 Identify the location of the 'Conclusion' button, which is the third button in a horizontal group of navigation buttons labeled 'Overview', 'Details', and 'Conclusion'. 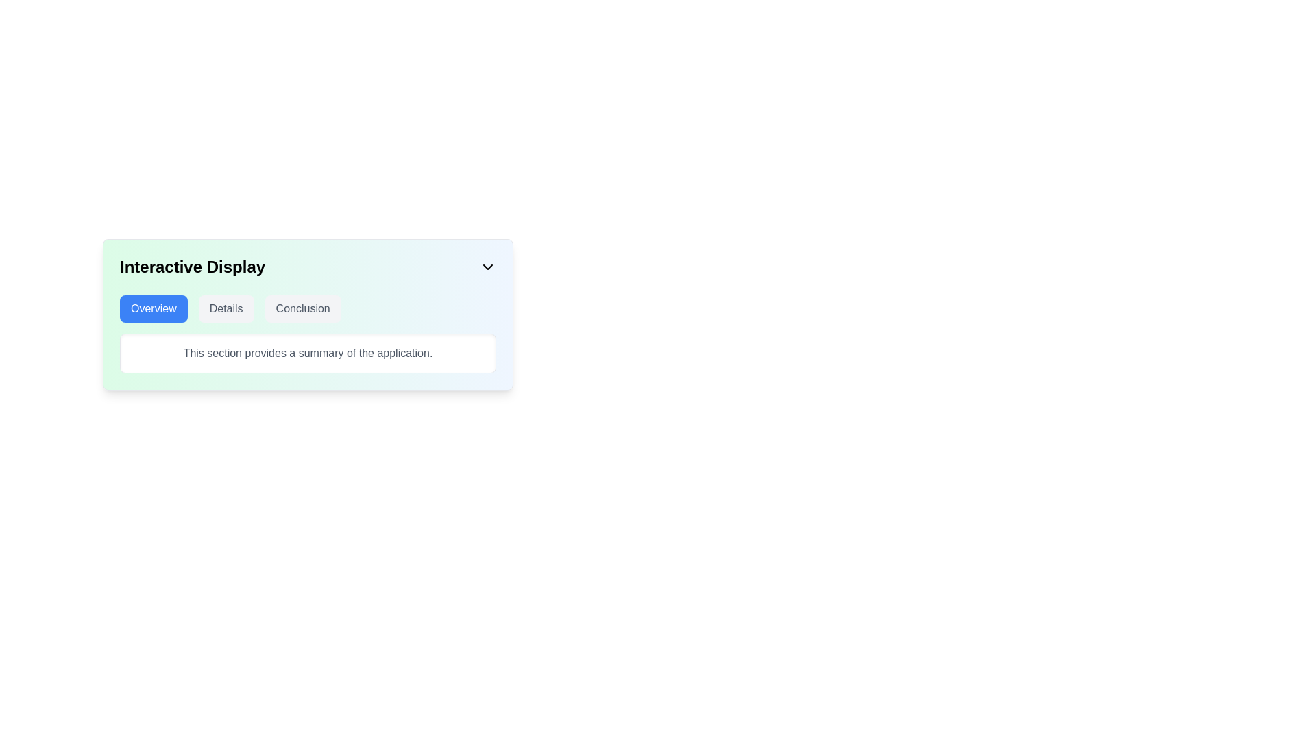
(302, 309).